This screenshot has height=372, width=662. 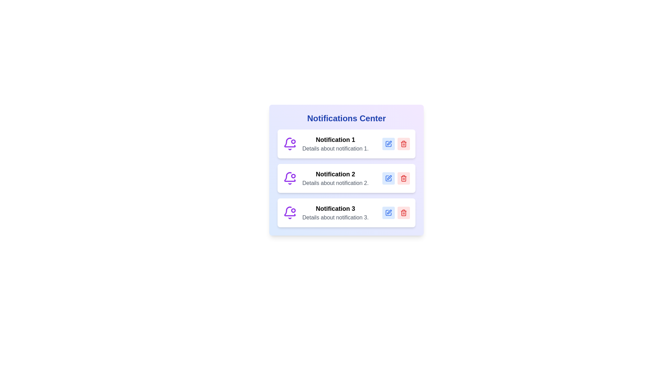 I want to click on the leftmost rounded rectangular button with a light blue background and a blue pen icon, located to the right of the third notification row in the notifications list, so click(x=389, y=212).